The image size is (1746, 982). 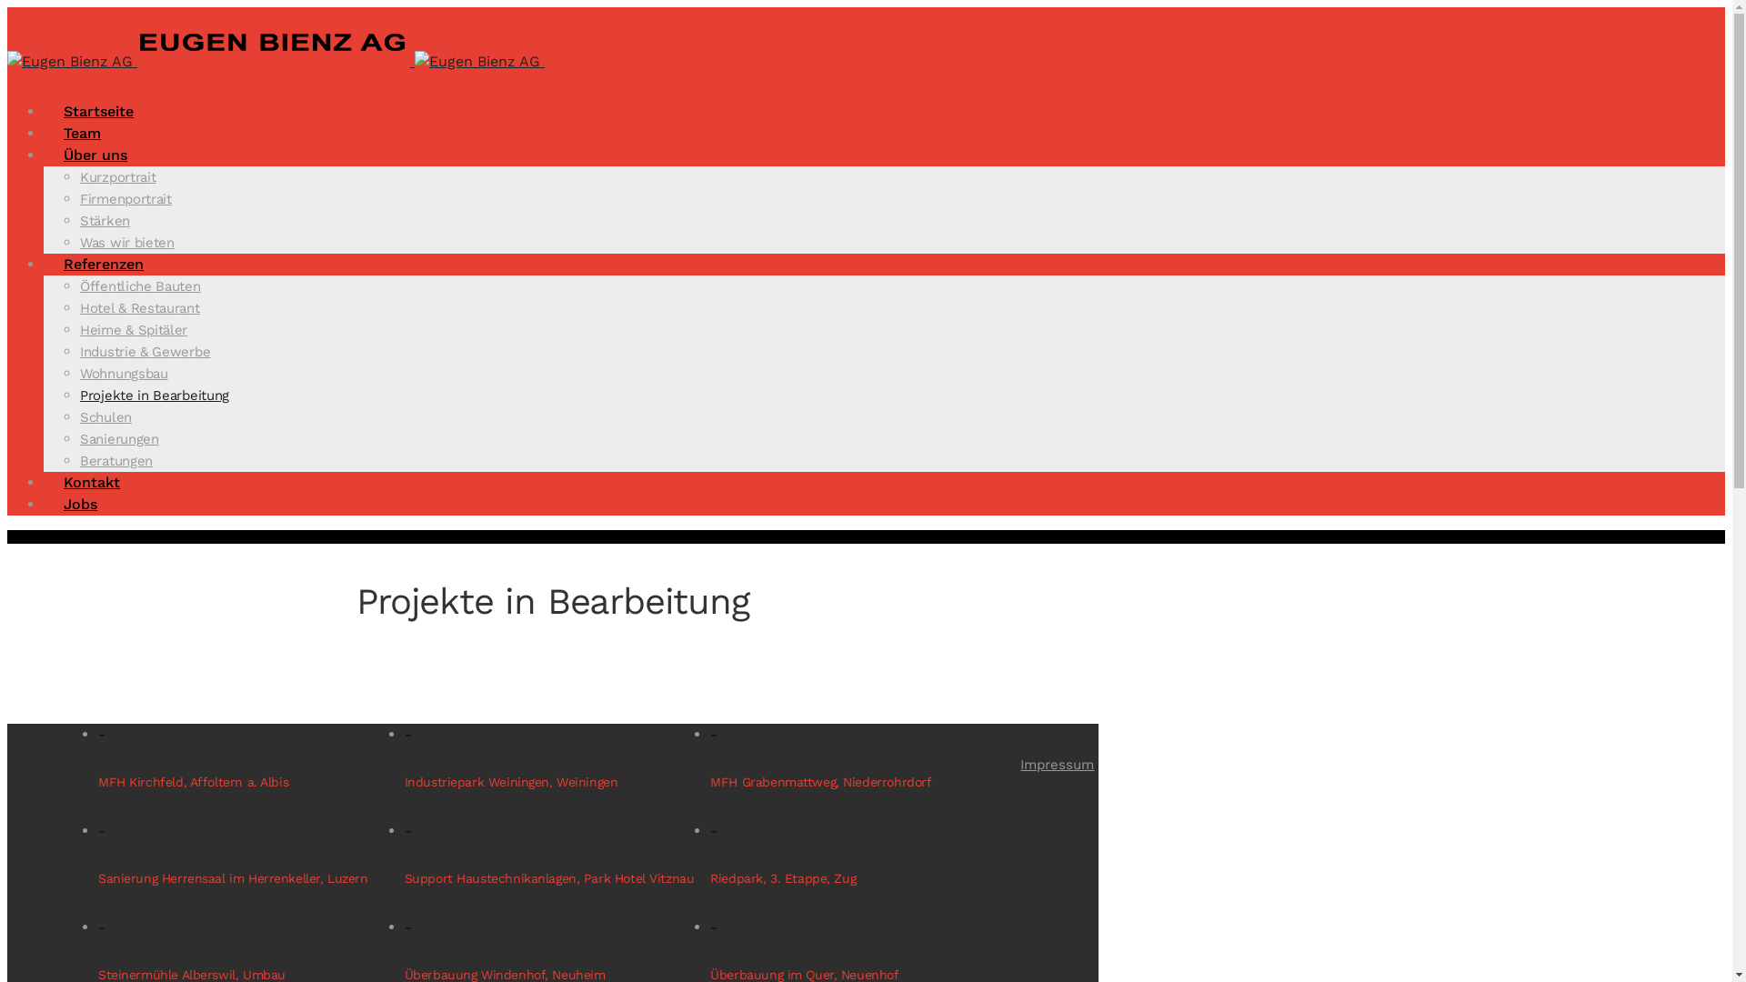 I want to click on 'Kurzportrait', so click(x=116, y=177).